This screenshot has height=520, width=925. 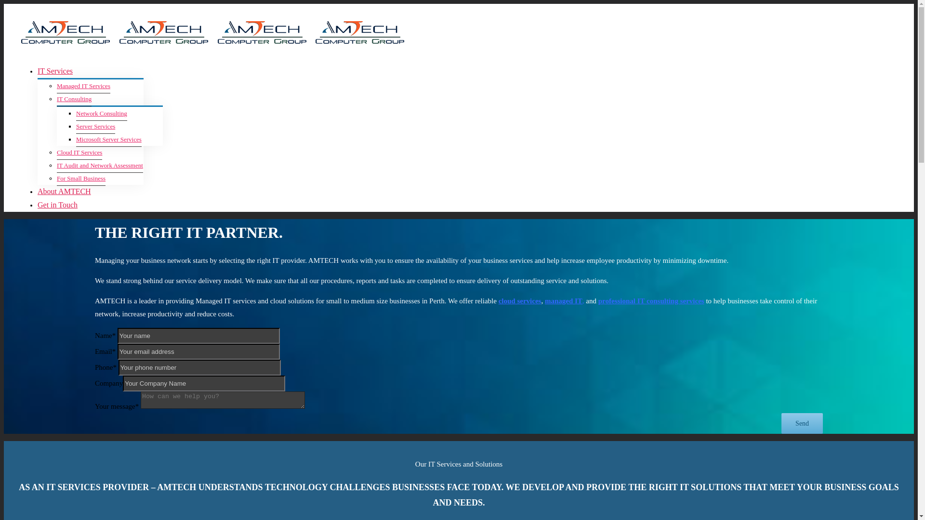 What do you see at coordinates (598, 300) in the screenshot?
I see `'professional IT consulting services'` at bounding box center [598, 300].